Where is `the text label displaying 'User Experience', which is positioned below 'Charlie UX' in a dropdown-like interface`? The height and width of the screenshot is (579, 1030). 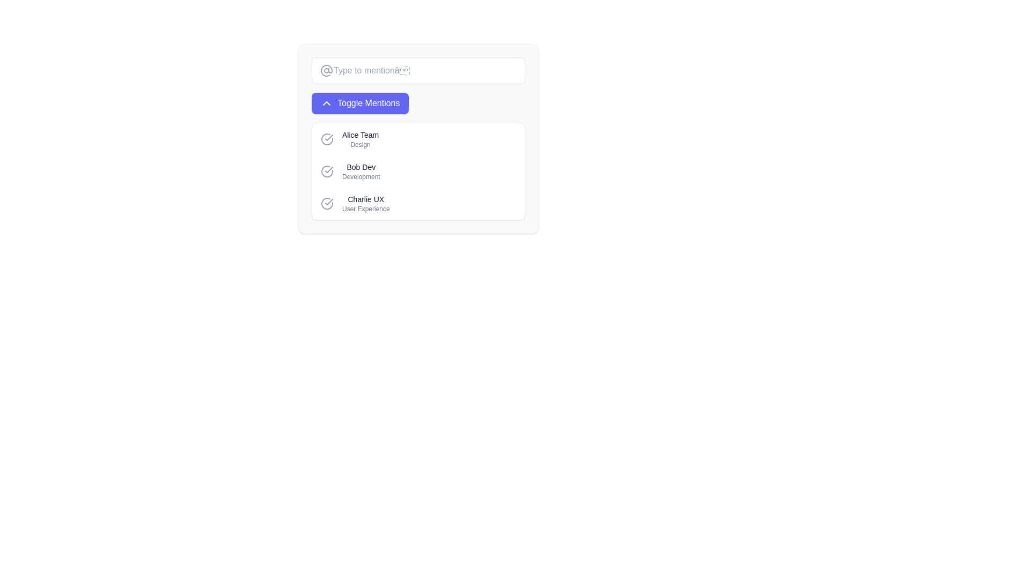
the text label displaying 'User Experience', which is positioned below 'Charlie UX' in a dropdown-like interface is located at coordinates (366, 209).